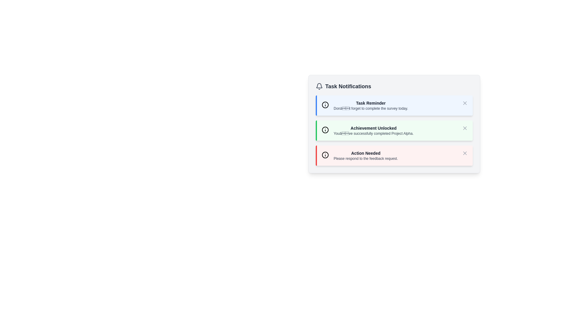 This screenshot has width=573, height=322. I want to click on the label with icon that serves as a title for the user notifications section, located at the top-left of the panel, so click(343, 86).